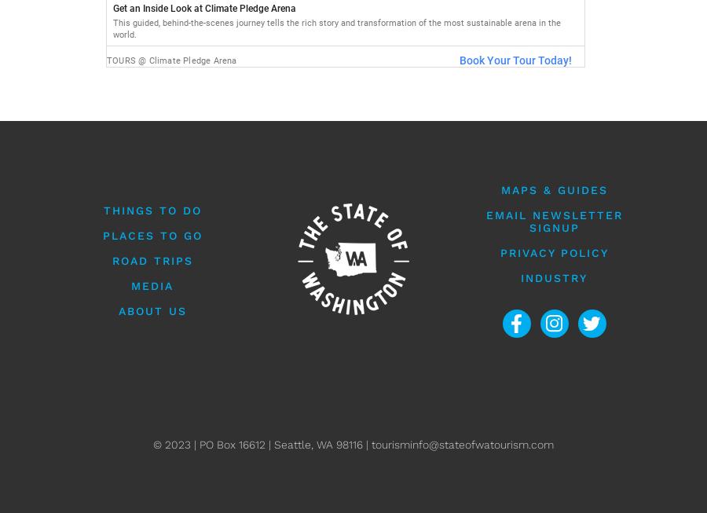 Image resolution: width=707 pixels, height=513 pixels. Describe the element at coordinates (152, 210) in the screenshot. I see `'Things To Do'` at that location.